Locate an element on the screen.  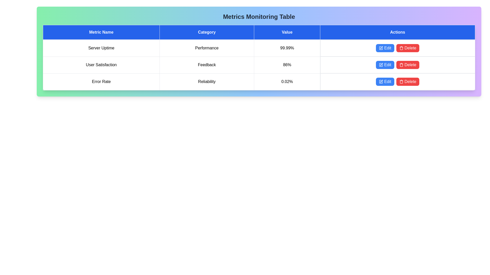
the table header Category to sort or interact with it is located at coordinates (207, 32).